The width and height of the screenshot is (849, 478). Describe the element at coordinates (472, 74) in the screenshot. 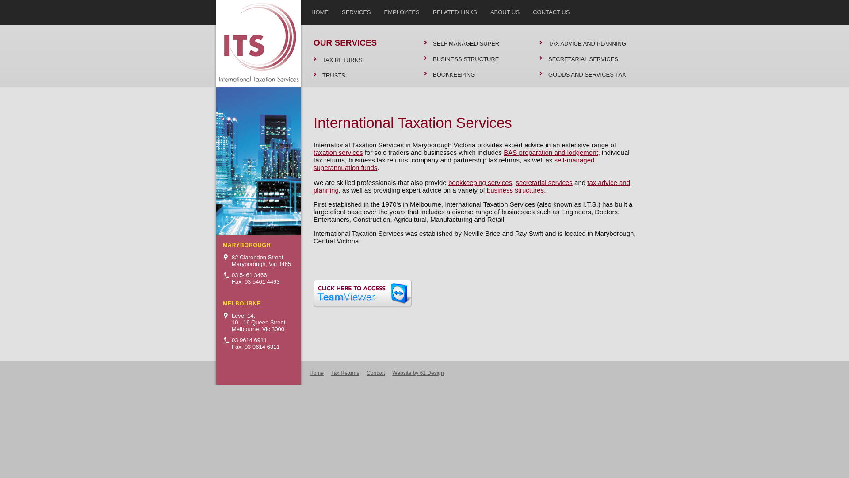

I see `'BOOKKEEPING'` at that location.